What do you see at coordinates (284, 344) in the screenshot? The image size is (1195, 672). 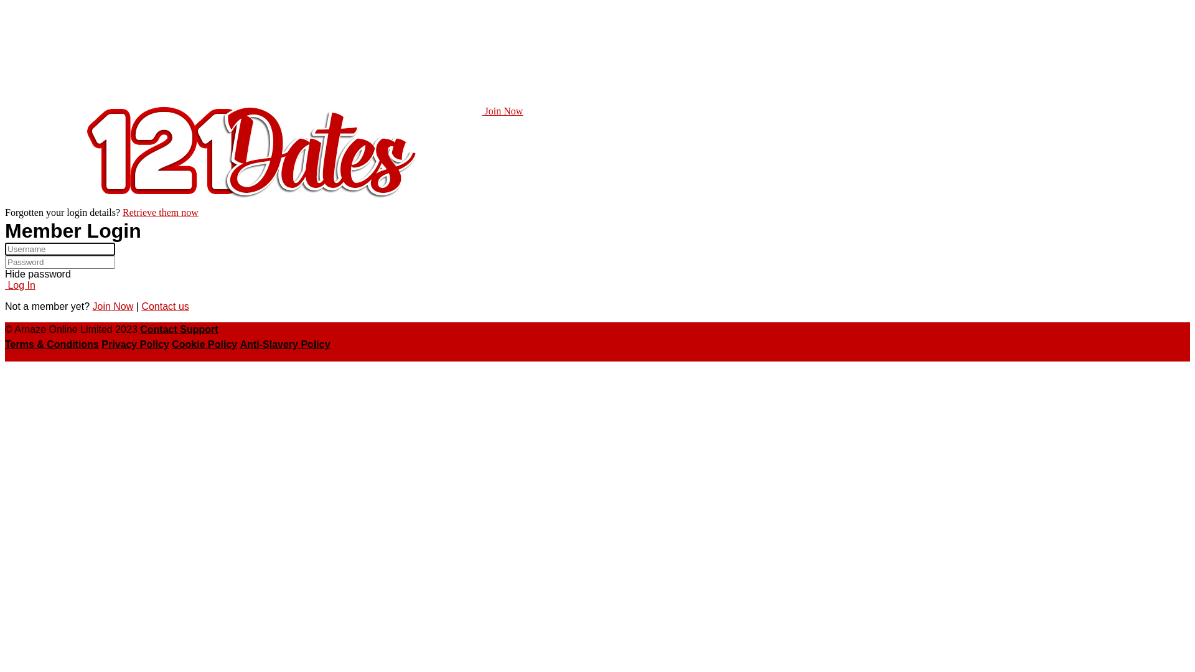 I see `'Anti-Slavery Policy'` at bounding box center [284, 344].